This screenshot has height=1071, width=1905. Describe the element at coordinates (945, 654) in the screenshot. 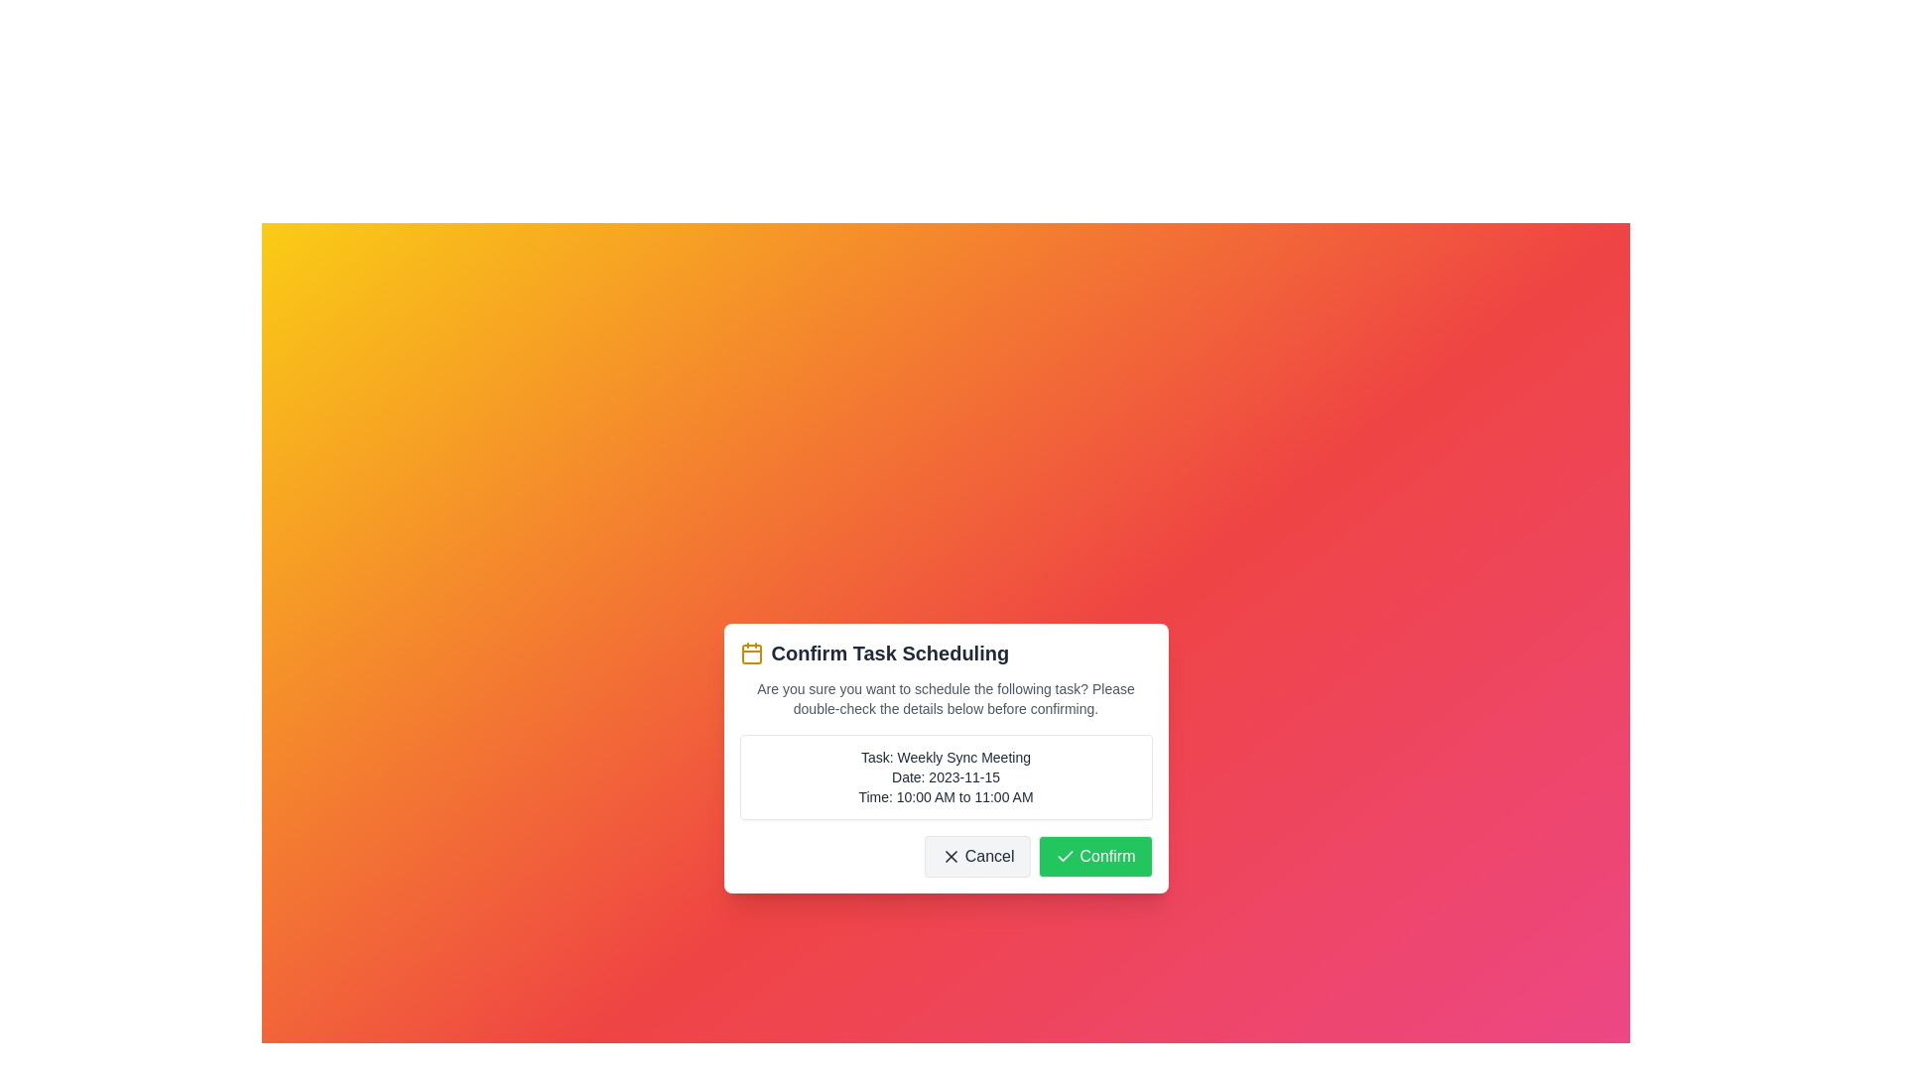

I see `the heading element at the top of the modal dialog that indicates the purpose of the task scheduling operation, which includes a calendar icon on the left side` at that location.